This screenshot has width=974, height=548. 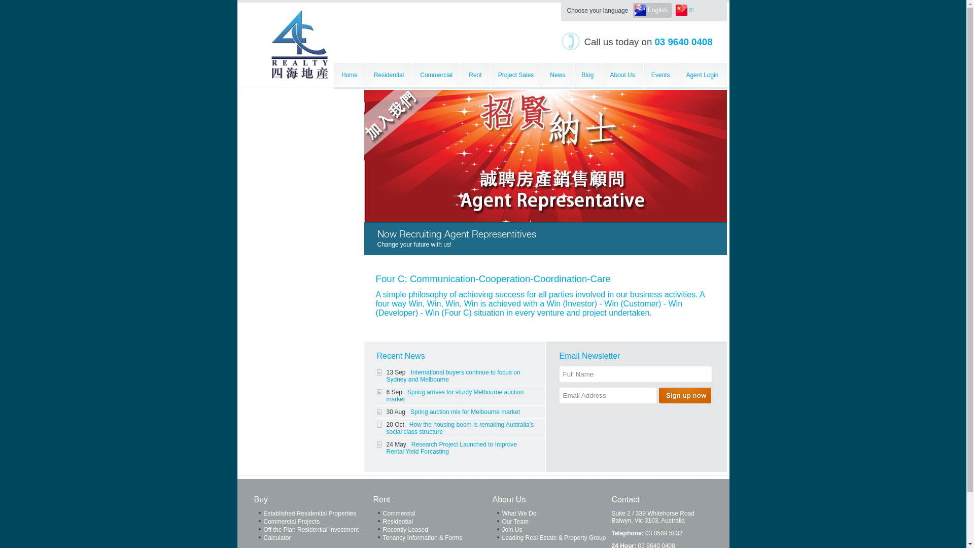 I want to click on 'Calculator', so click(x=312, y=537).